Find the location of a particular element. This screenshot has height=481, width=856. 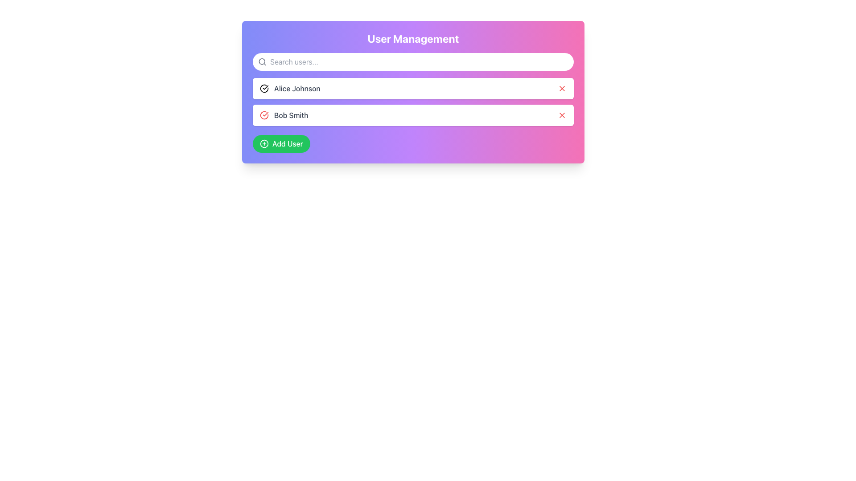

the circular vector graphic portion of the checkmark icon, which is located to the left of the text 'Bob Smith' is located at coordinates (264, 114).